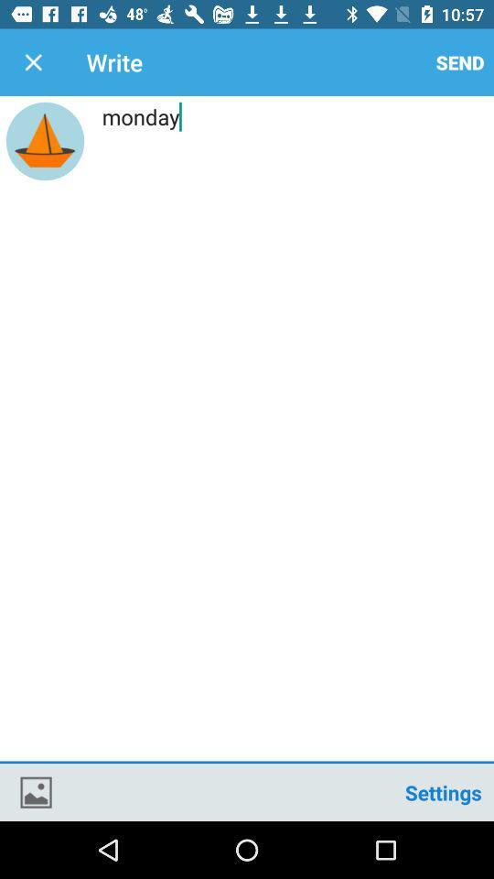  What do you see at coordinates (459, 62) in the screenshot?
I see `the item next to write item` at bounding box center [459, 62].